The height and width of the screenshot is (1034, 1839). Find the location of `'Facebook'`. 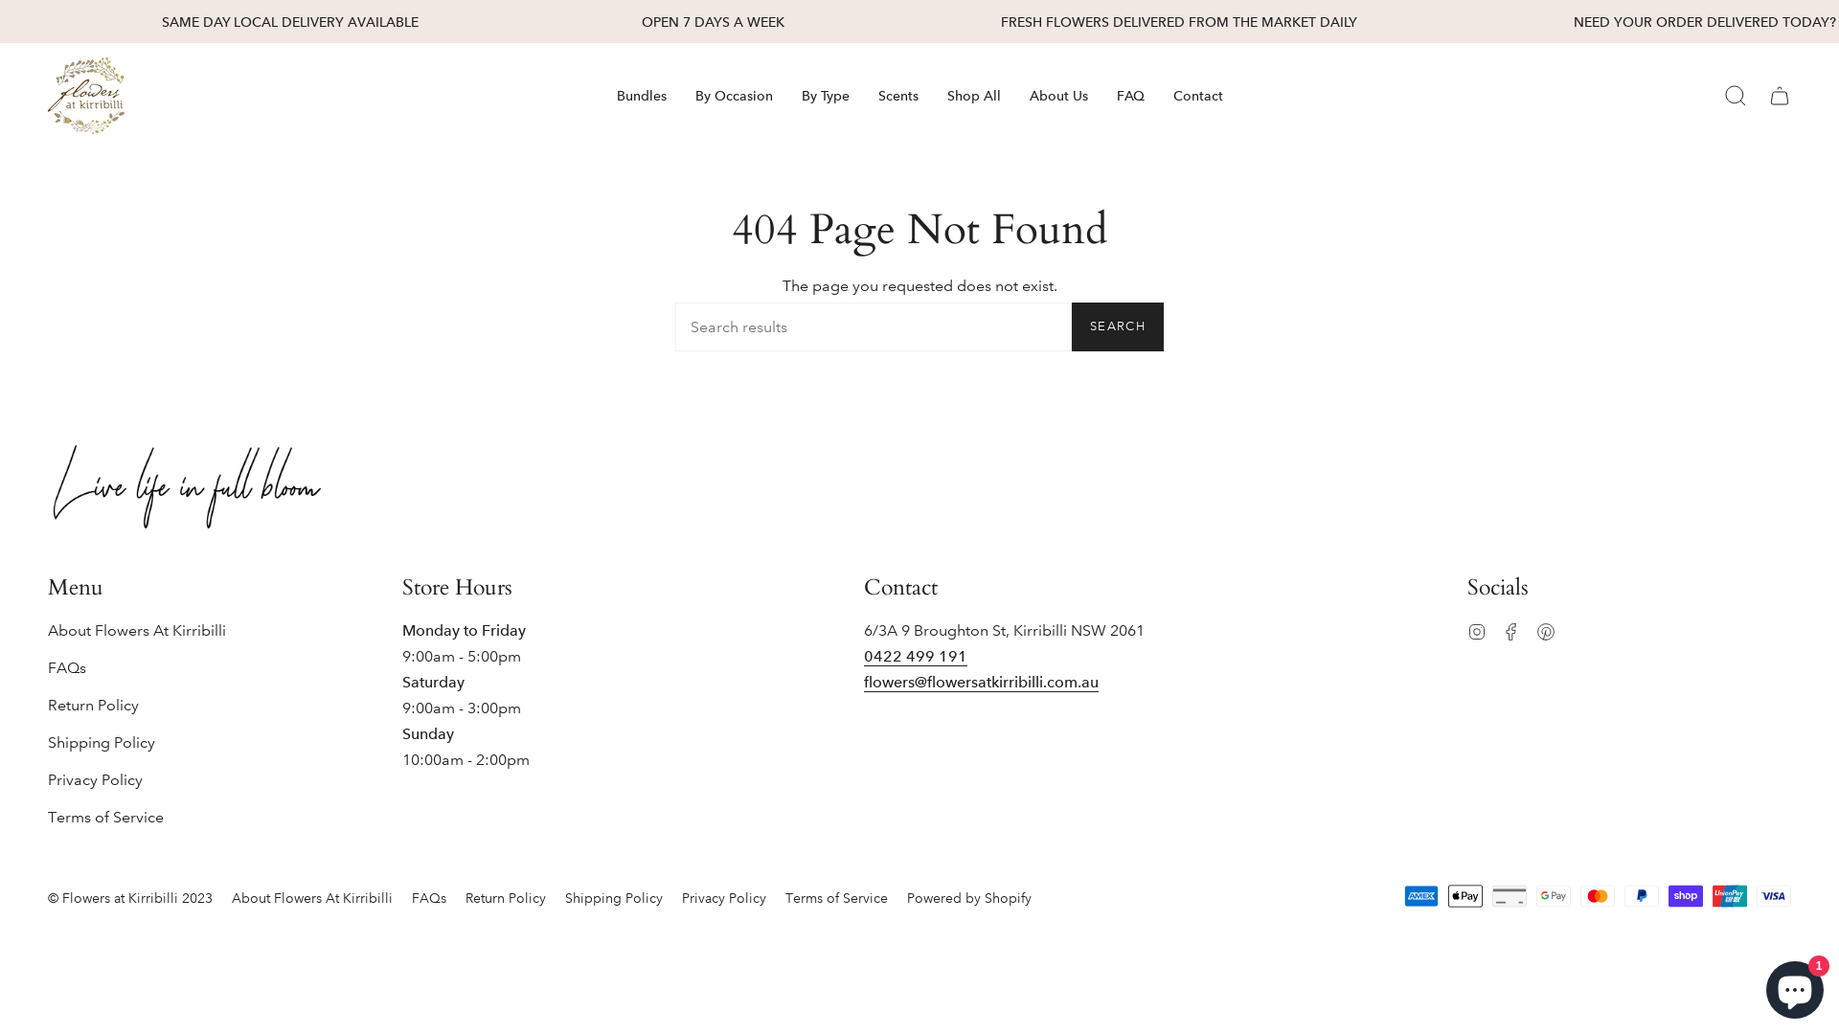

'Facebook' is located at coordinates (1510, 630).